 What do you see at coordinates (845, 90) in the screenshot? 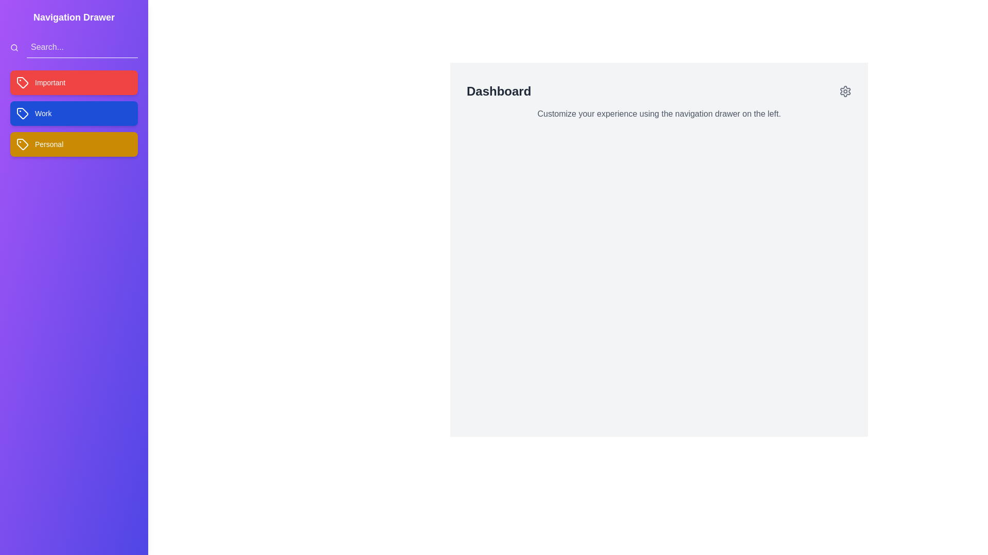
I see `the settings button in the dashboard` at bounding box center [845, 90].